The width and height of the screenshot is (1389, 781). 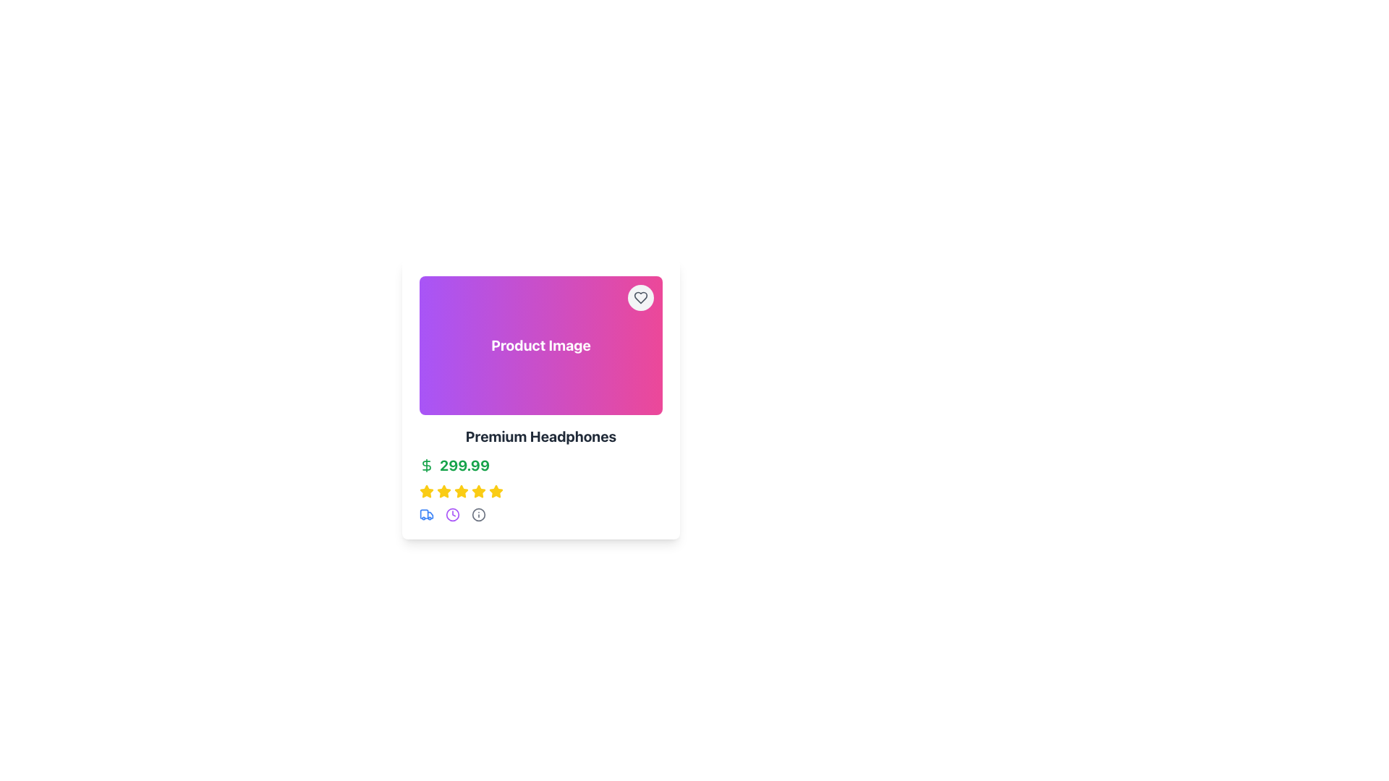 I want to click on the heart icon button in the top-right corner of the product card to mark the product as favorite, so click(x=640, y=297).